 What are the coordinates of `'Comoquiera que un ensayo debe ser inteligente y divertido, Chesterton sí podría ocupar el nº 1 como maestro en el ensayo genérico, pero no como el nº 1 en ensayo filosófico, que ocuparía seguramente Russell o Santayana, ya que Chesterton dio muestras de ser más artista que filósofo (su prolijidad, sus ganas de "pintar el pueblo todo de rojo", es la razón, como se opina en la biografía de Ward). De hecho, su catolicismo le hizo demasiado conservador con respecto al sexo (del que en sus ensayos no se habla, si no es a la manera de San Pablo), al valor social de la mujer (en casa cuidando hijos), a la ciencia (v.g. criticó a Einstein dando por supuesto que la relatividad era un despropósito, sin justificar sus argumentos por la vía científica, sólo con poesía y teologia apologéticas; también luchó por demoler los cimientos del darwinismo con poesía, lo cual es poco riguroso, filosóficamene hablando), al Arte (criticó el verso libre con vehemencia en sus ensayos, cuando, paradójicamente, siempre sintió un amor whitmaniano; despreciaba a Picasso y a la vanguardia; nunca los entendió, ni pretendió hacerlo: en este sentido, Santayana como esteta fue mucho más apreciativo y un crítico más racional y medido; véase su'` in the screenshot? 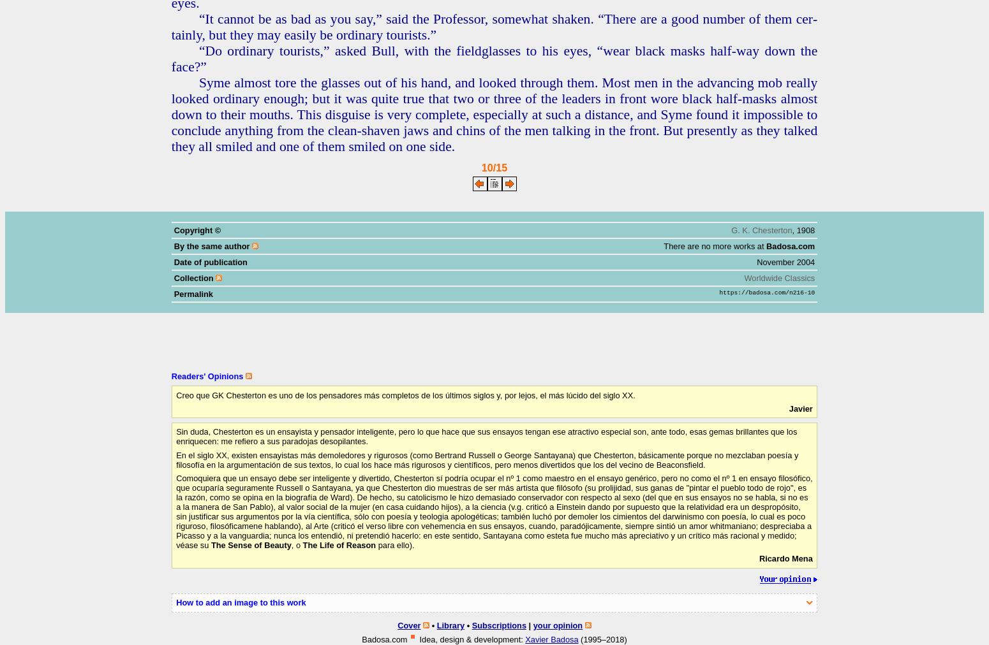 It's located at (494, 511).